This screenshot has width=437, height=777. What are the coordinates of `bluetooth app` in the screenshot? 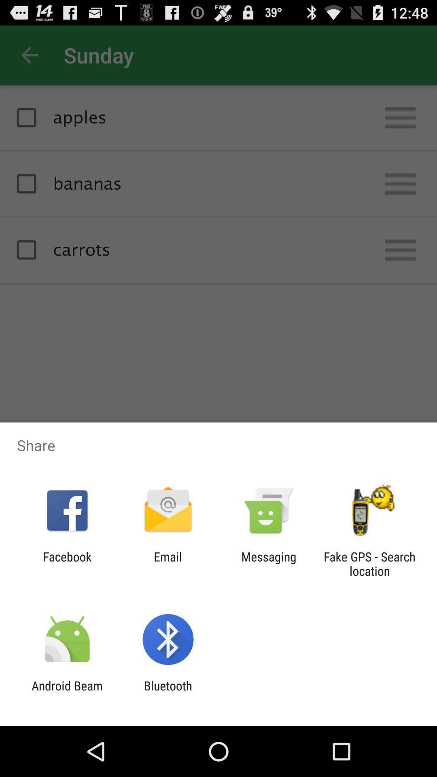 It's located at (168, 692).